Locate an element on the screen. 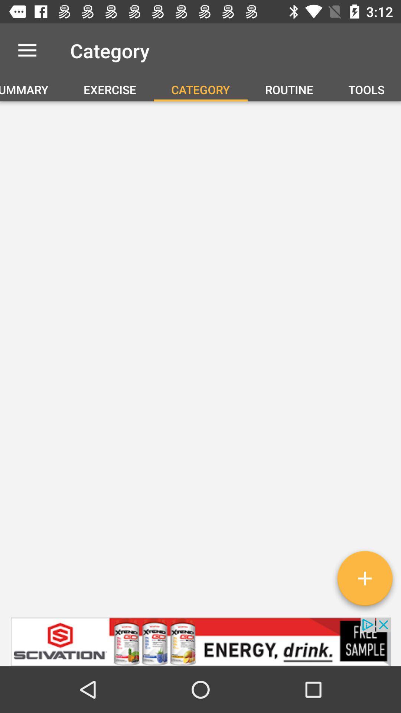  new category is located at coordinates (364, 581).